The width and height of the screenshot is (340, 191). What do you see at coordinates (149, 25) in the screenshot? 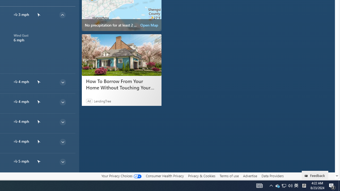
I see `'Open Map'` at bounding box center [149, 25].